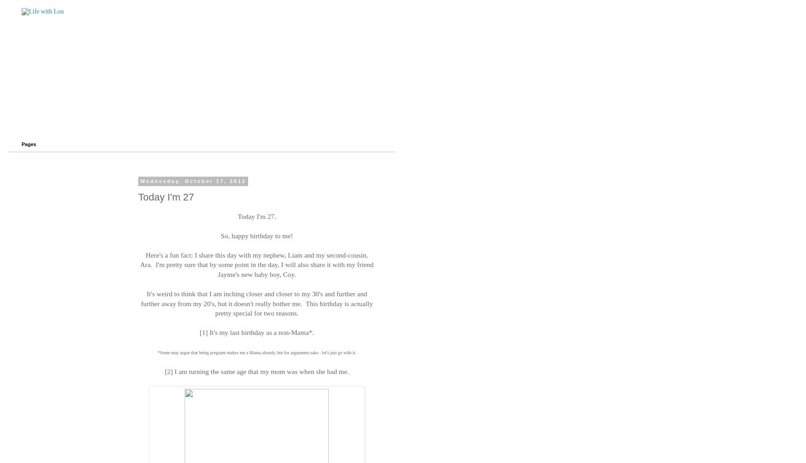  I want to click on 'It's weird to think that I am inching closer and closer to my 30's and further and further away from my 20's, but it doesn't really bother me.  This birthday is actually pretty special for two reasons.', so click(256, 303).